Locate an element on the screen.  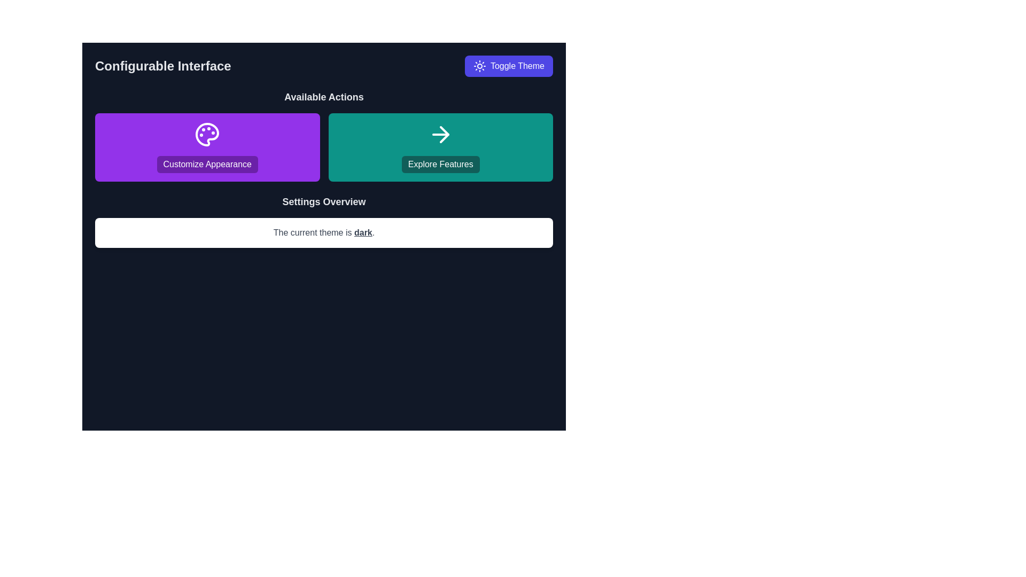
the first button in the 'Available Actions' section is located at coordinates (207, 147).